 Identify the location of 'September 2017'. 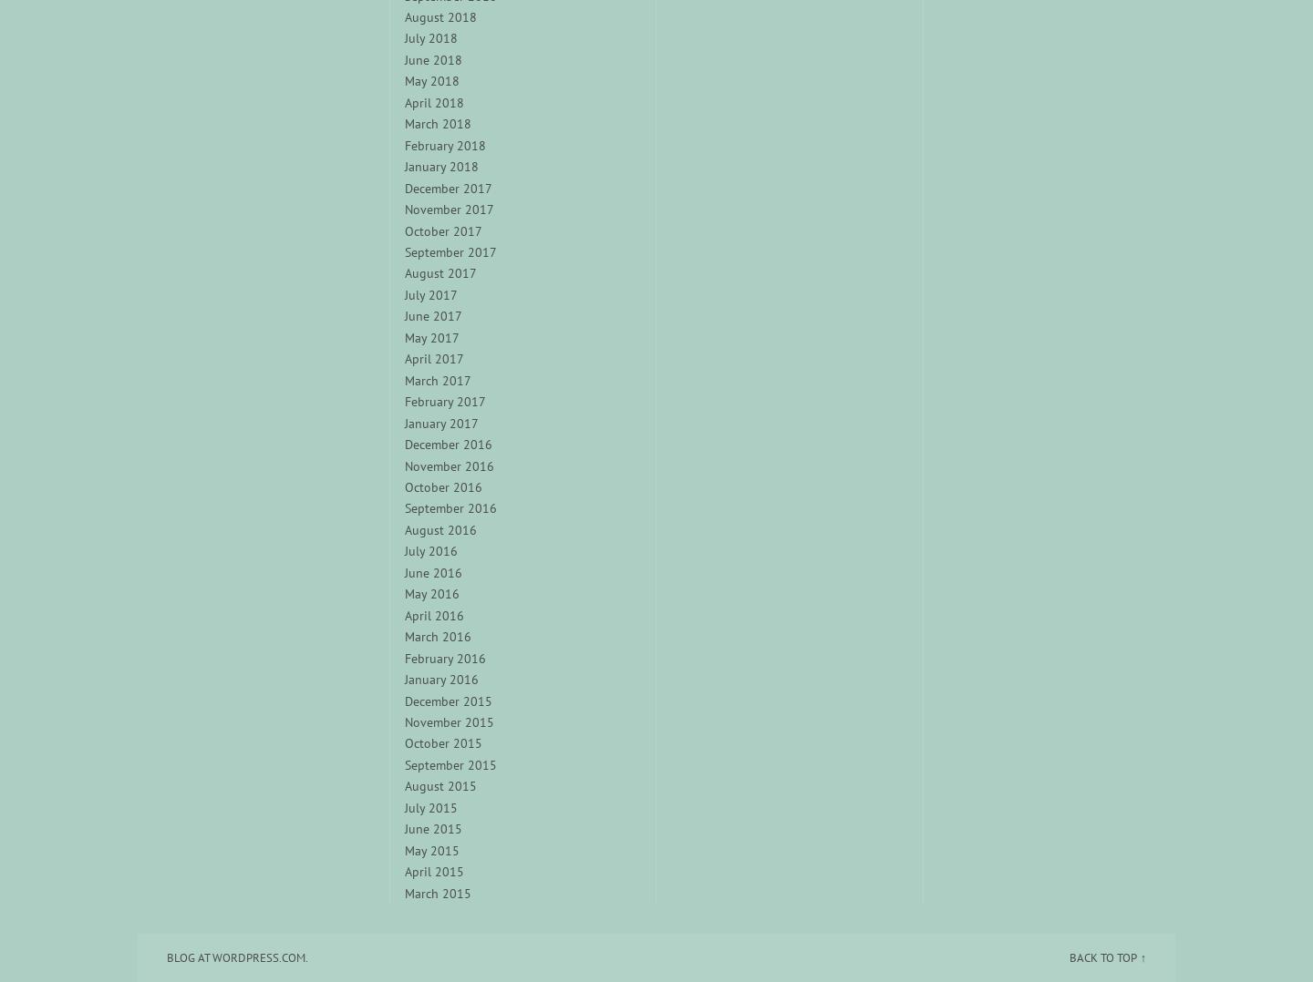
(449, 252).